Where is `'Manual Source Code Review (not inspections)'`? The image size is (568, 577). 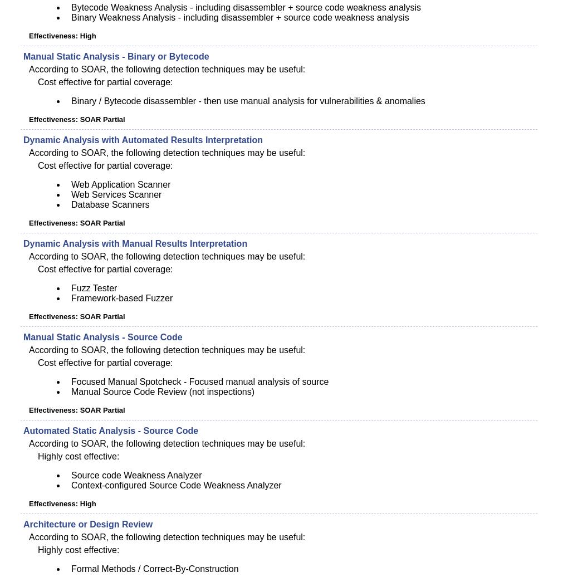
'Manual Source Code Review (not inspections)' is located at coordinates (71, 392).